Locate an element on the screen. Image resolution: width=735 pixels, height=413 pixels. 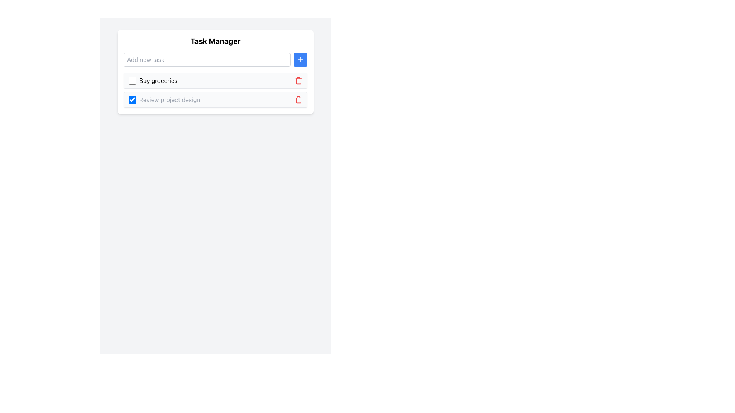
the delete button located at the far right of the task item labeled 'Review project design' to receive possible feedback is located at coordinates (298, 99).